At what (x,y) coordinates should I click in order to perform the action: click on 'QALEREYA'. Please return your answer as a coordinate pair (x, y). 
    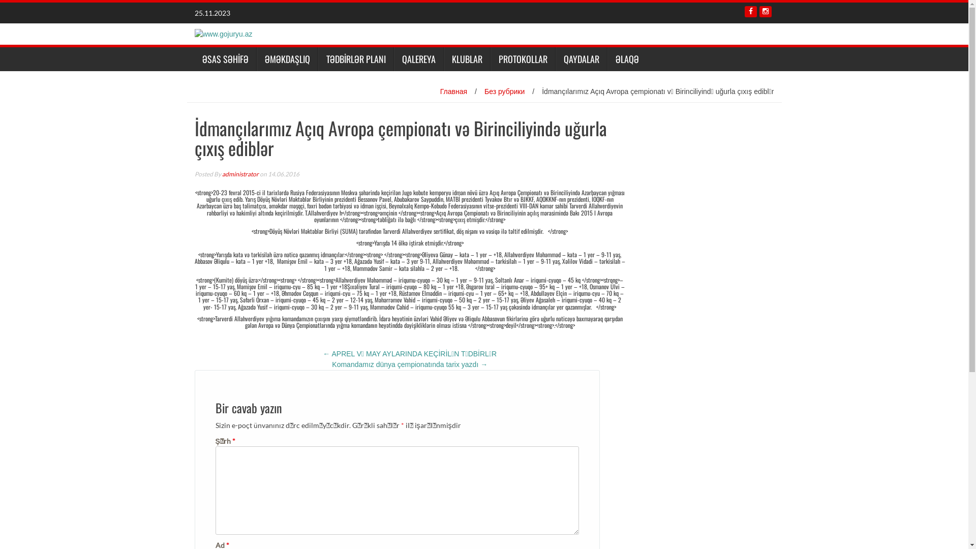
    Looking at the image, I should click on (418, 59).